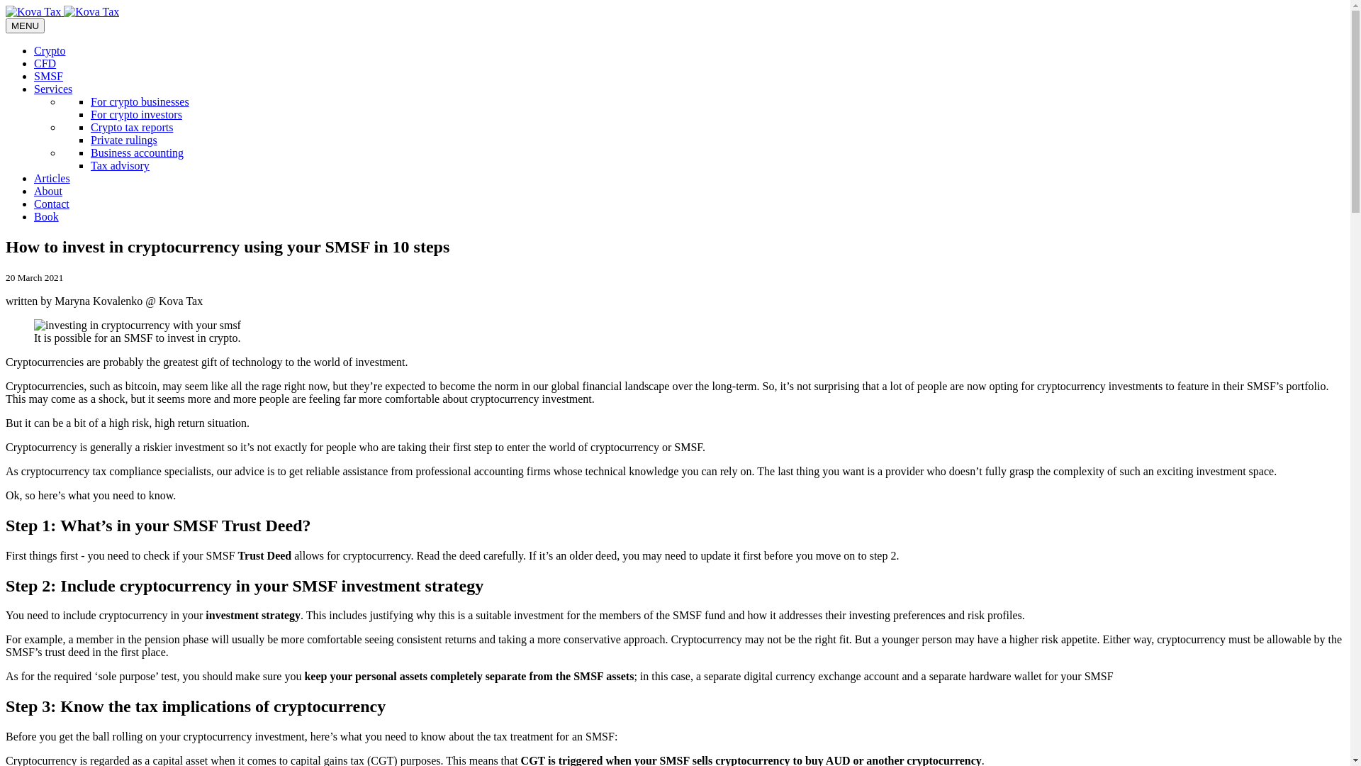  I want to click on 'For crypto businesses', so click(140, 101).